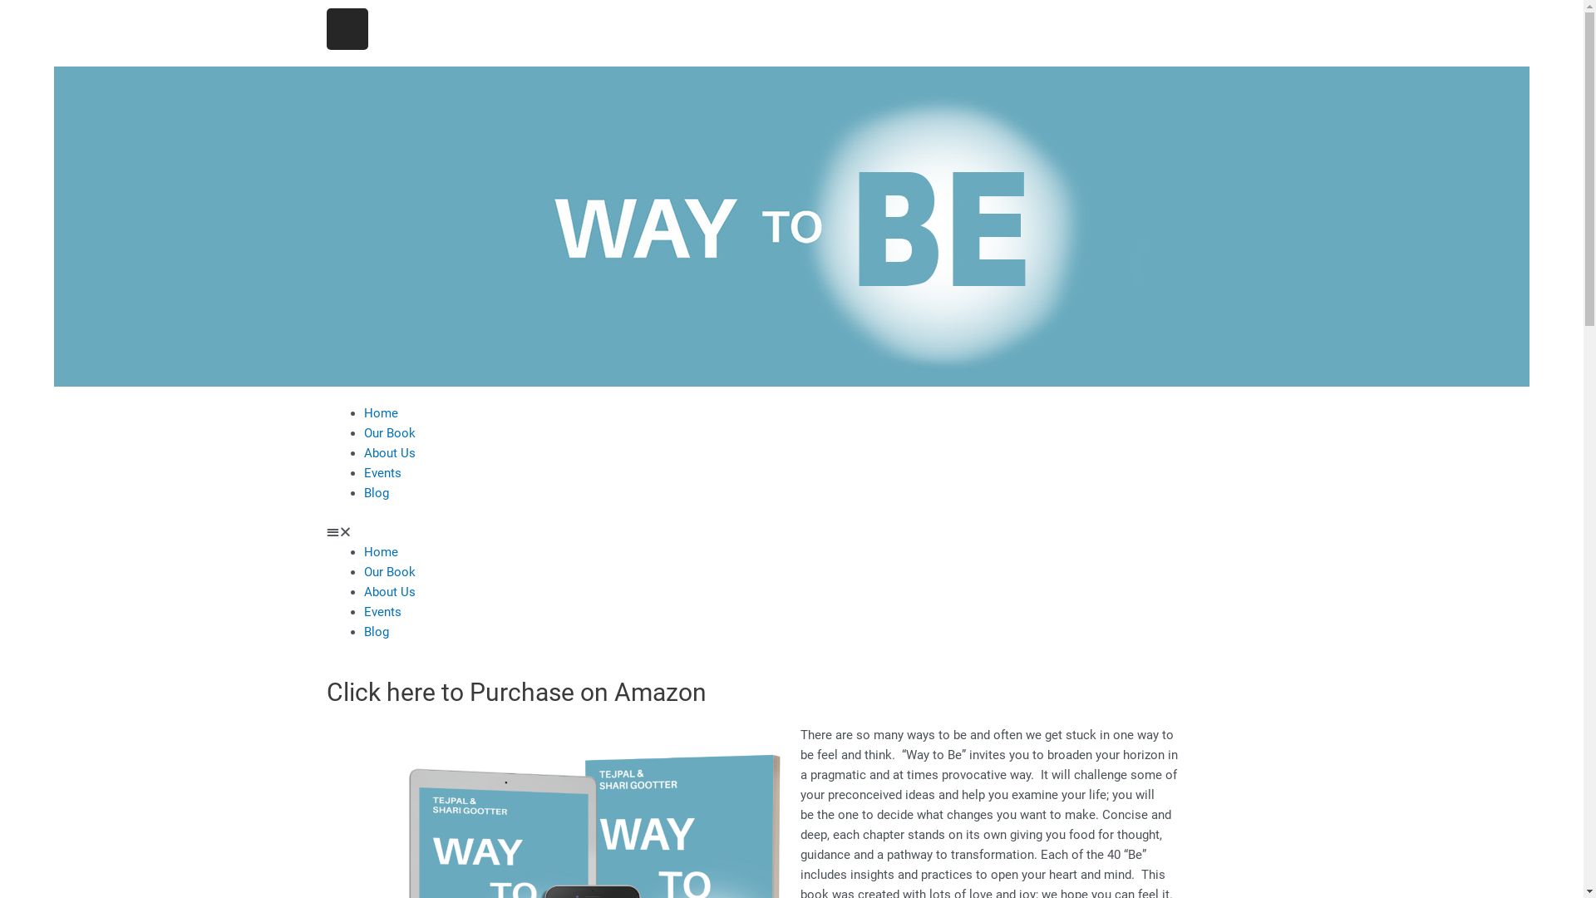  I want to click on 'Our Book', so click(389, 570).